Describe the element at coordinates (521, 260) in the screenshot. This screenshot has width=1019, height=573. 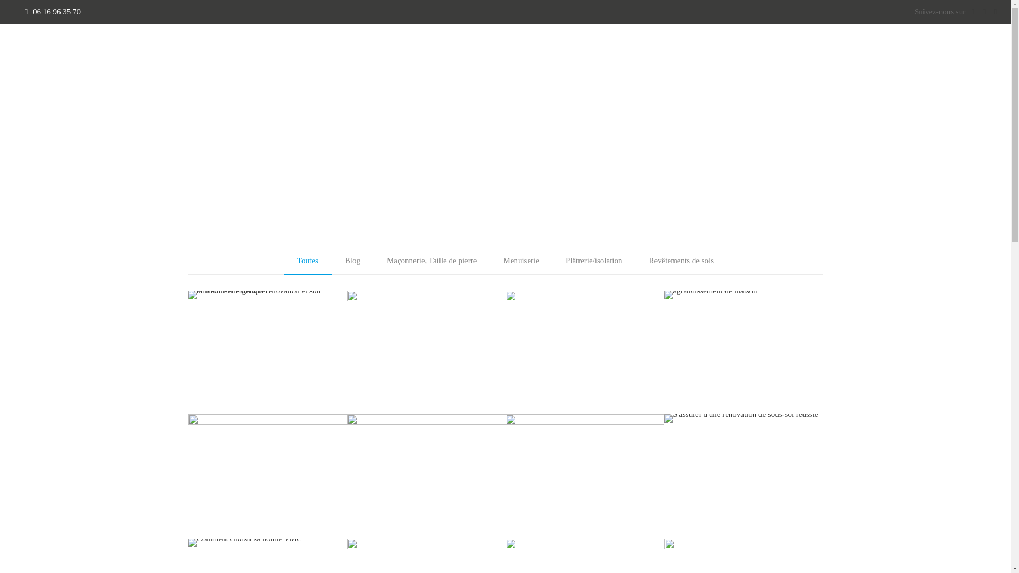
I see `'Menuiserie'` at that location.